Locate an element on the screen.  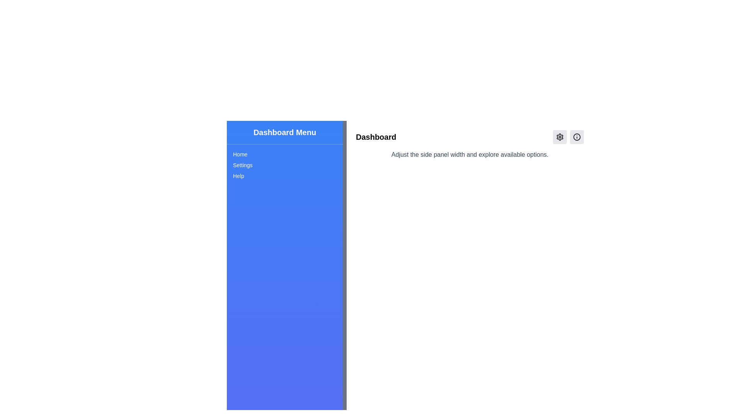
the modern circular information icon located to the right of the settings icon in the top-right section of the interface is located at coordinates (577, 136).